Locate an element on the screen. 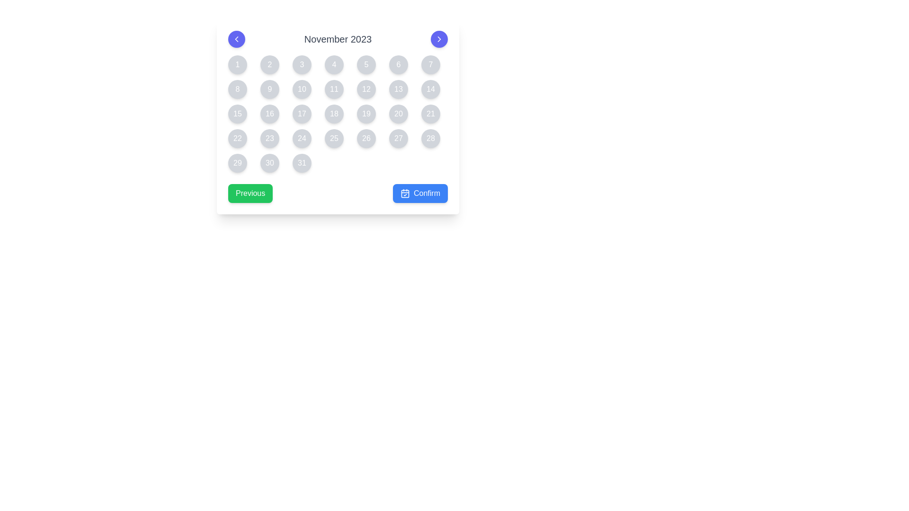 The height and width of the screenshot is (511, 909). the selectable day button representing the 16th day of November 2023 in the calendar interface for potential hover effects is located at coordinates (269, 113).